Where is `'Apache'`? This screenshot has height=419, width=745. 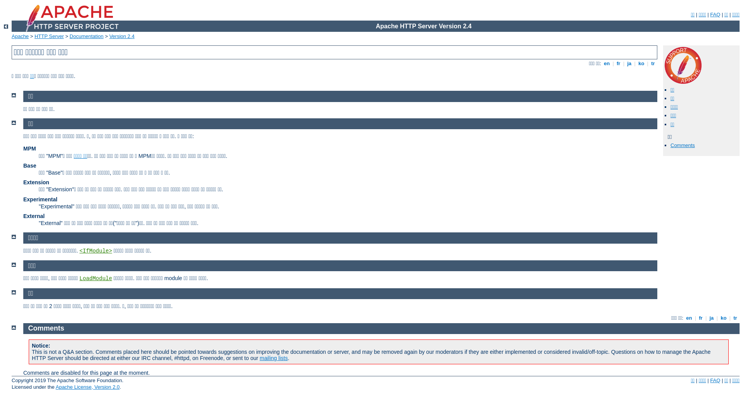 'Apache' is located at coordinates (20, 36).